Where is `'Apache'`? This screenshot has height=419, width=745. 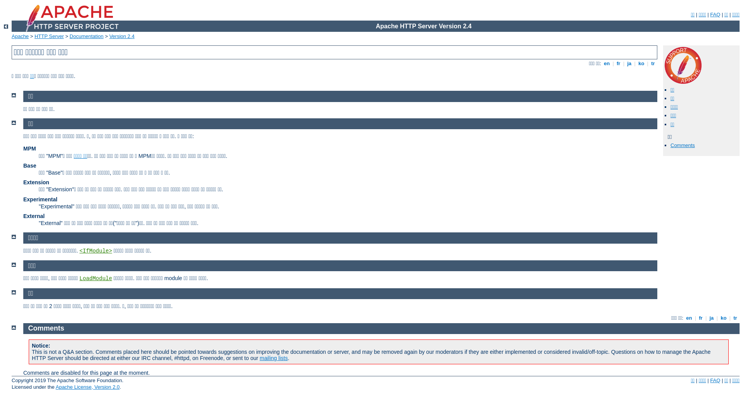 'Apache' is located at coordinates (20, 36).